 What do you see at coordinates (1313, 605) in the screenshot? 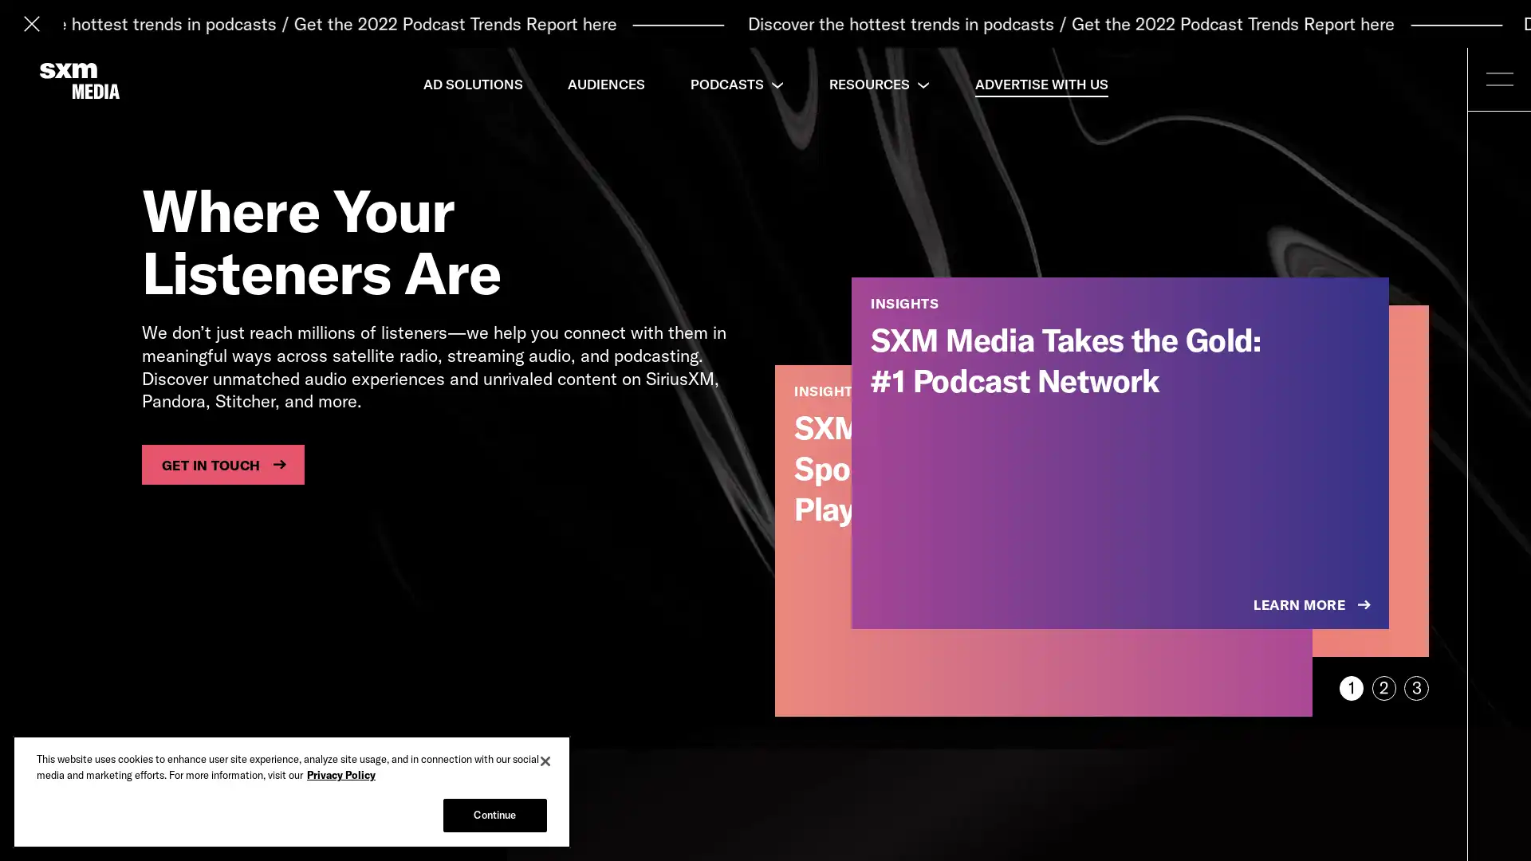
I see `LEARN MORE` at bounding box center [1313, 605].